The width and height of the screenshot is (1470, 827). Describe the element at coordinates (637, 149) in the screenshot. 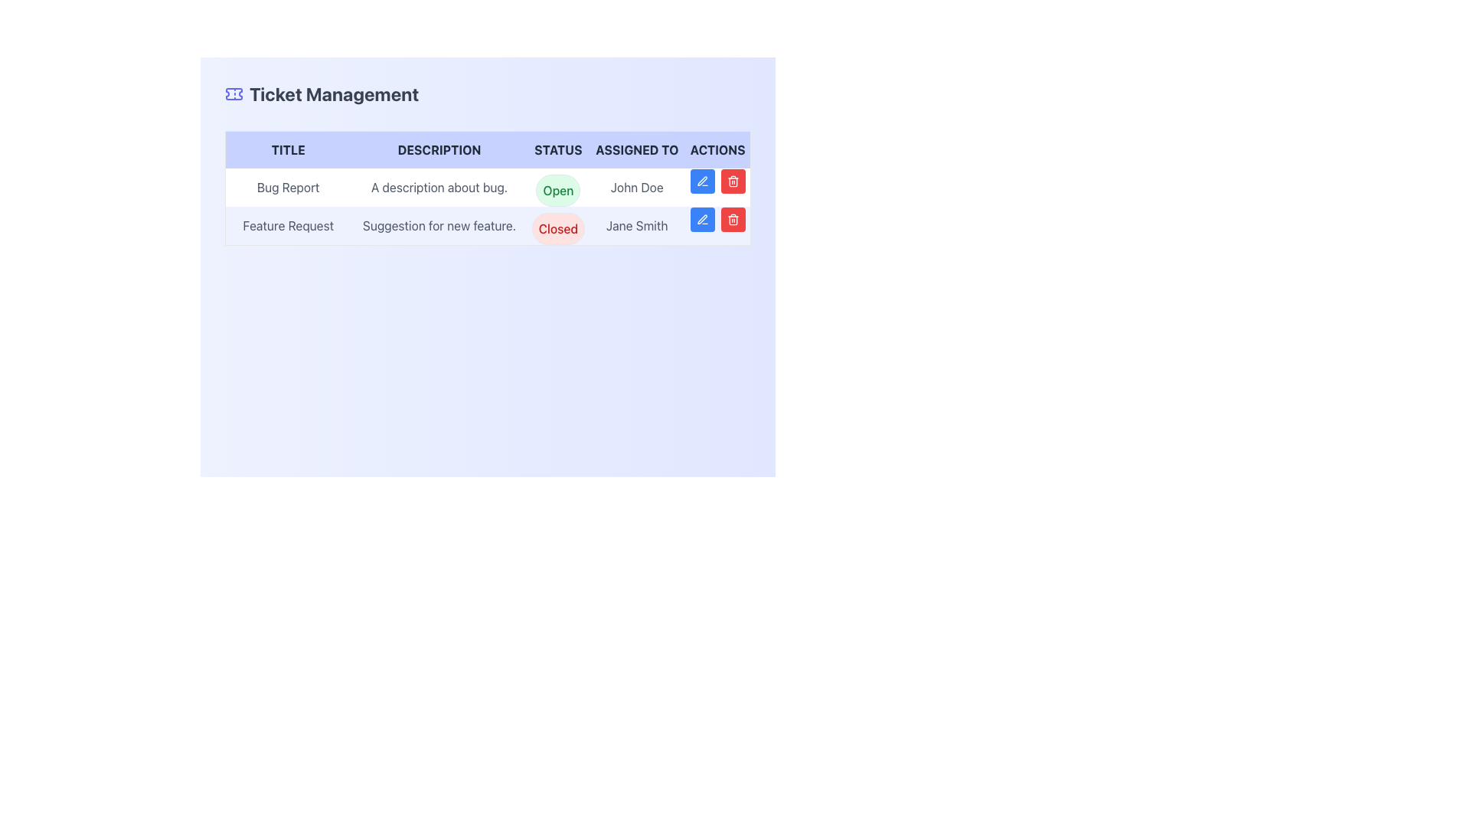

I see `the fourth text label in the table header that denotes the person assigned to the task, located between 'Status' and 'Actions'` at that location.